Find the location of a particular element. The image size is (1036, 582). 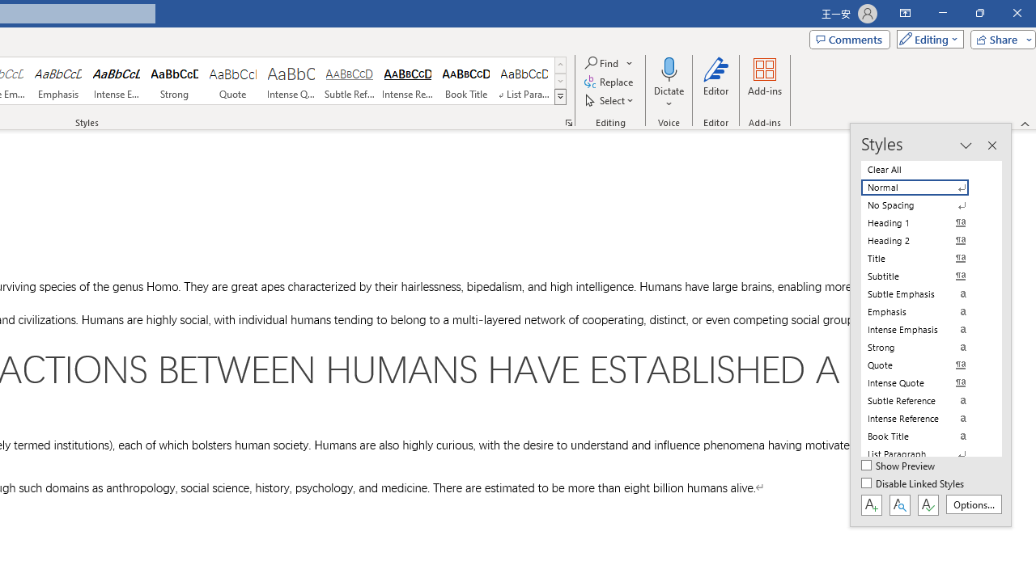

'Show Preview' is located at coordinates (898, 466).